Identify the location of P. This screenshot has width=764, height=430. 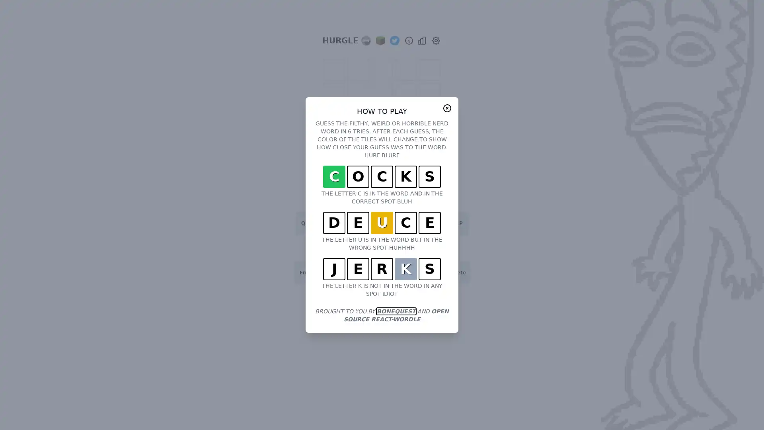
(460, 223).